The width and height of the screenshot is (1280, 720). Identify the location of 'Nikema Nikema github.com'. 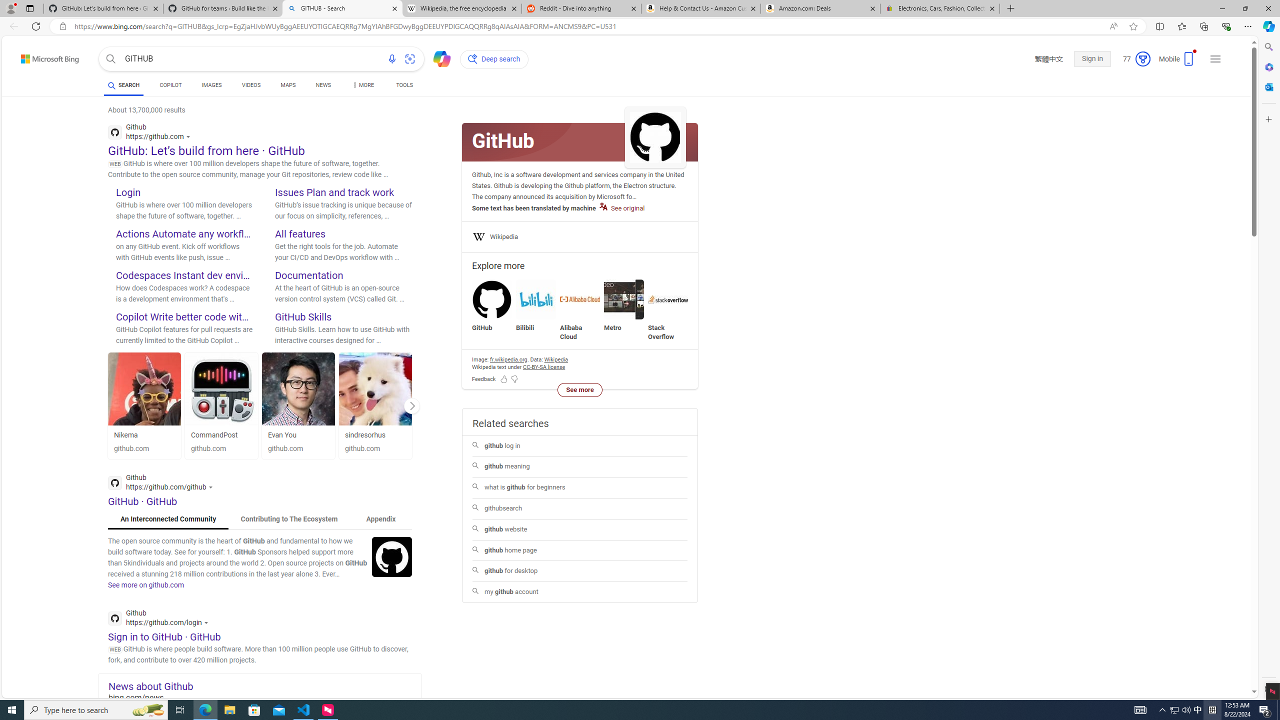
(144, 405).